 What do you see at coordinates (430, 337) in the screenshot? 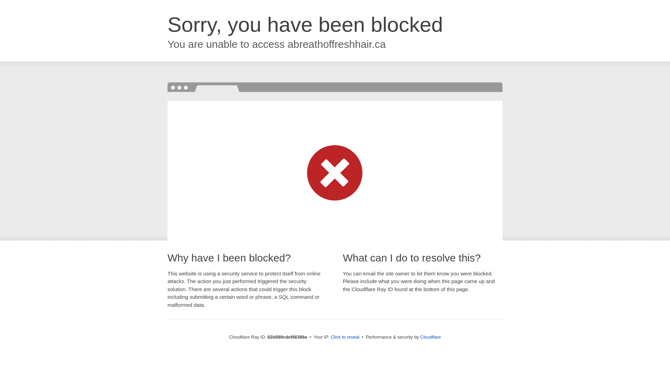
I see `'Cloudflare'` at bounding box center [430, 337].